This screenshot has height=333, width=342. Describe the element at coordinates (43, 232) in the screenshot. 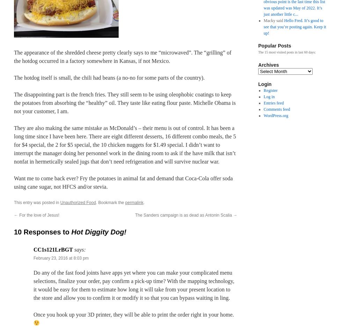

I see `'10 Responses to'` at that location.